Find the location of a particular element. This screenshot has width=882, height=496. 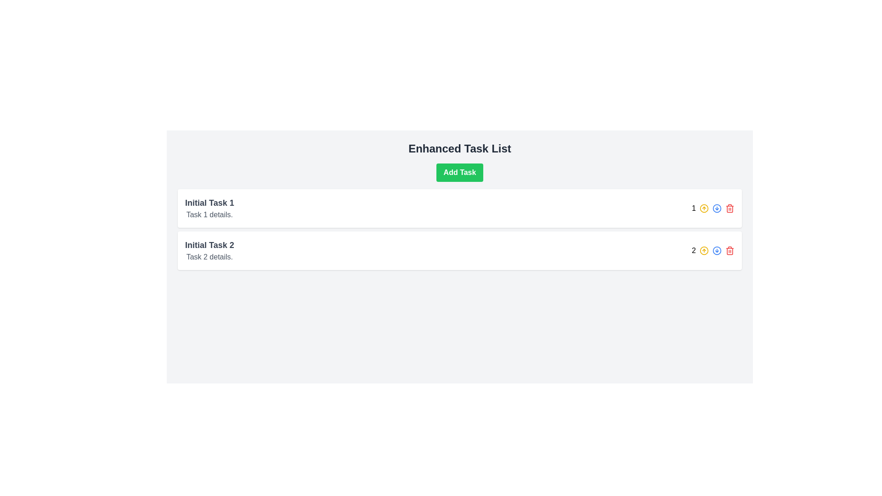

the red trash can icon is located at coordinates (729, 209).